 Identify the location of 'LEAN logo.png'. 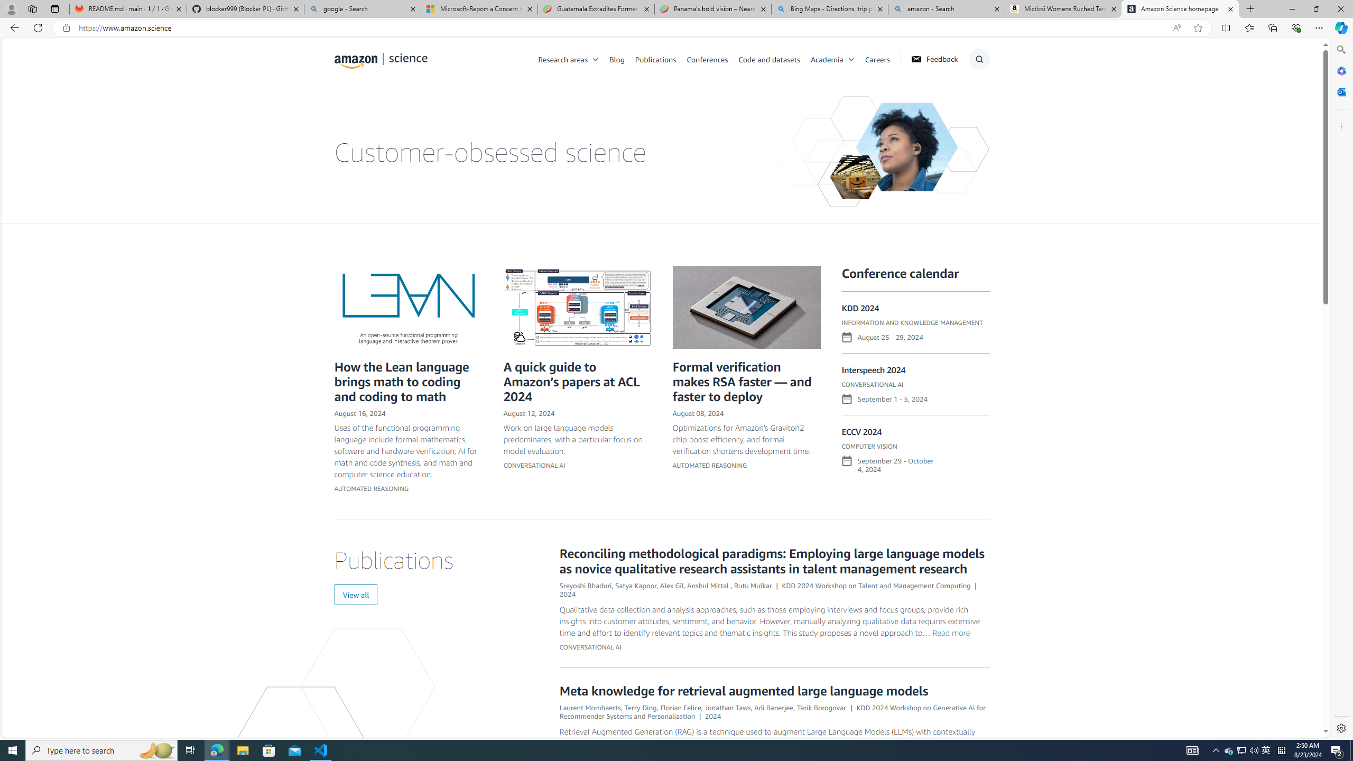
(409, 307).